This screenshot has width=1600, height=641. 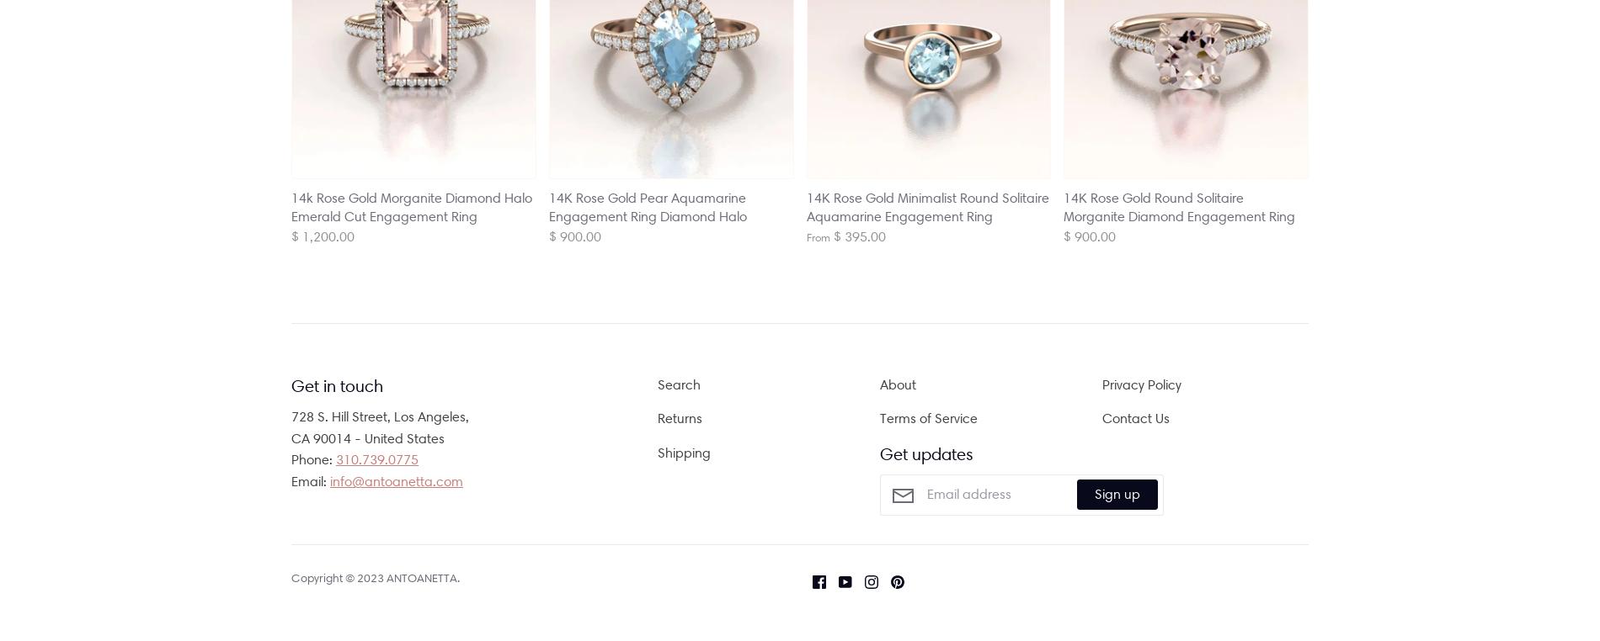 I want to click on '14K Rose Gold Round Solitaire Morganite Diamond Engagement Ring', so click(x=1062, y=206).